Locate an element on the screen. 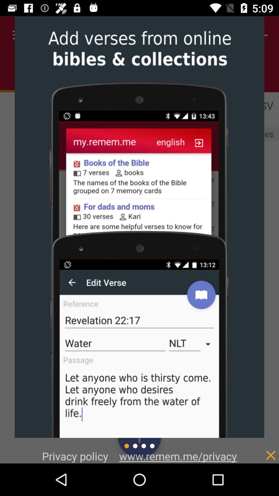  privacy policy is located at coordinates (260, 450).